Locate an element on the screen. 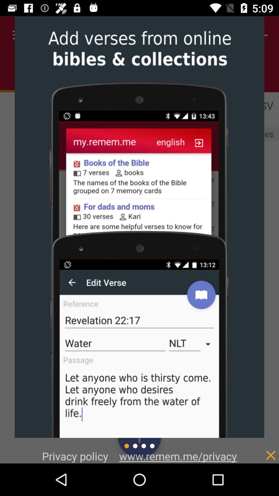  privacy policy is located at coordinates (260, 450).